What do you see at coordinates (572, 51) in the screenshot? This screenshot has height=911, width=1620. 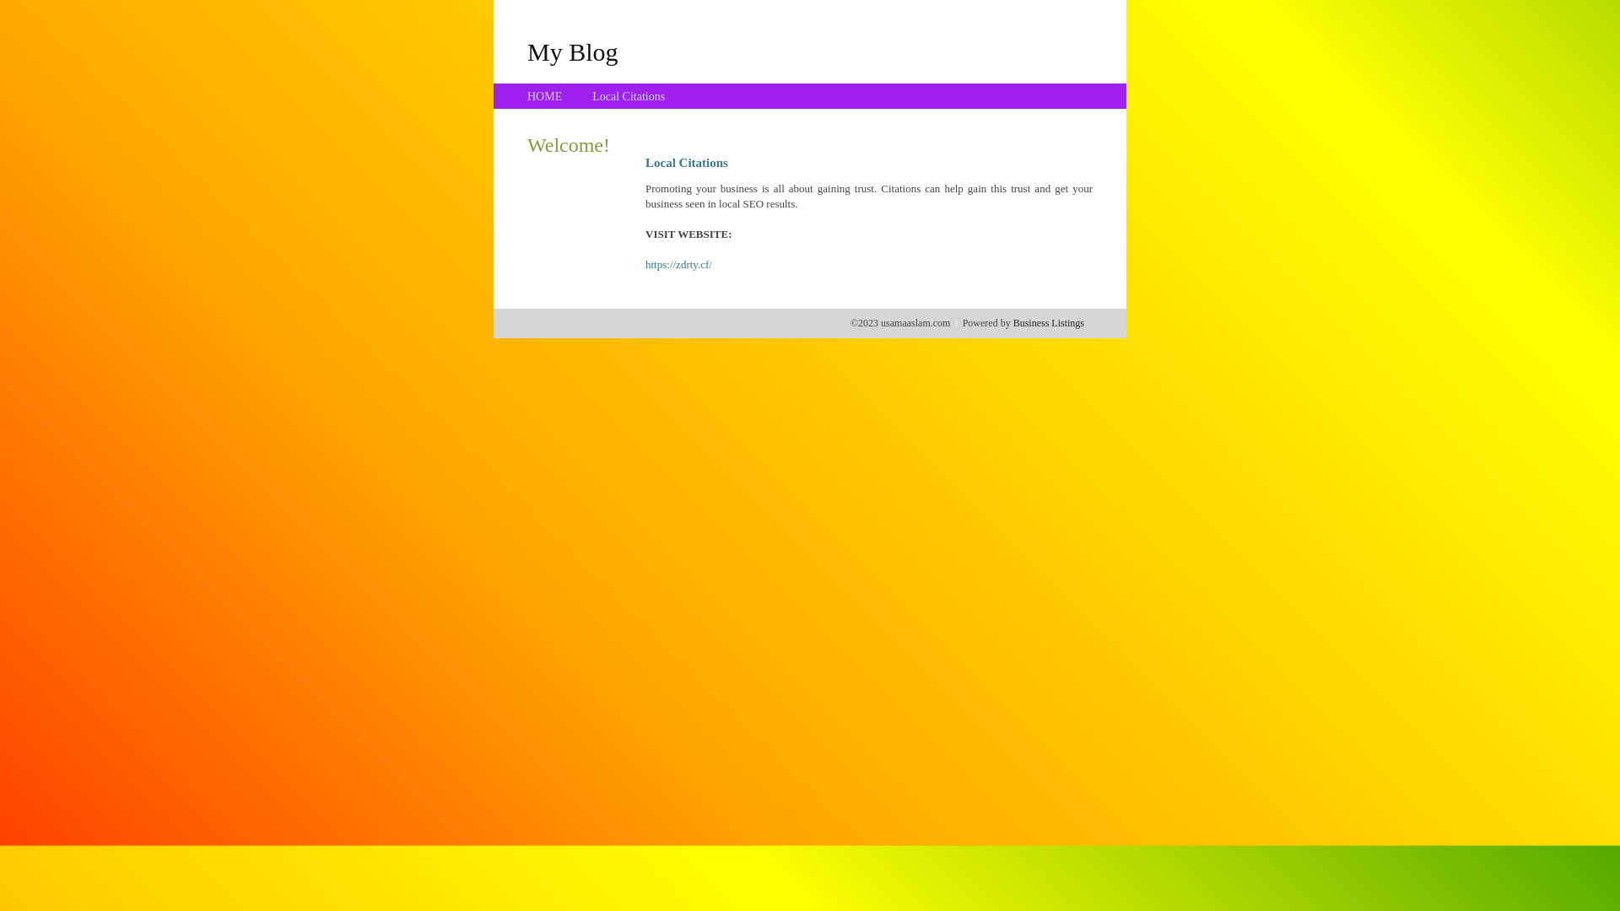 I see `'My Blog'` at bounding box center [572, 51].